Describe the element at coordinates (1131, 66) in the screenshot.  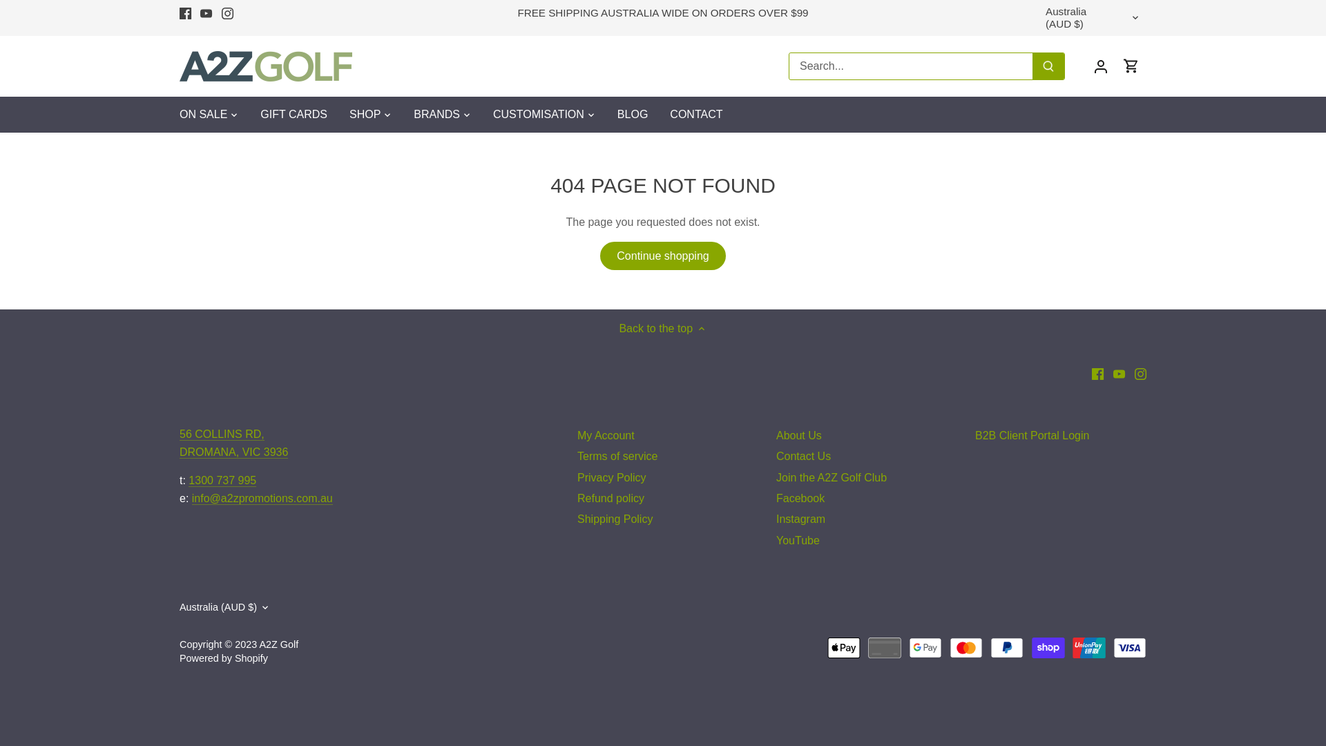
I see `'Go to cart'` at that location.